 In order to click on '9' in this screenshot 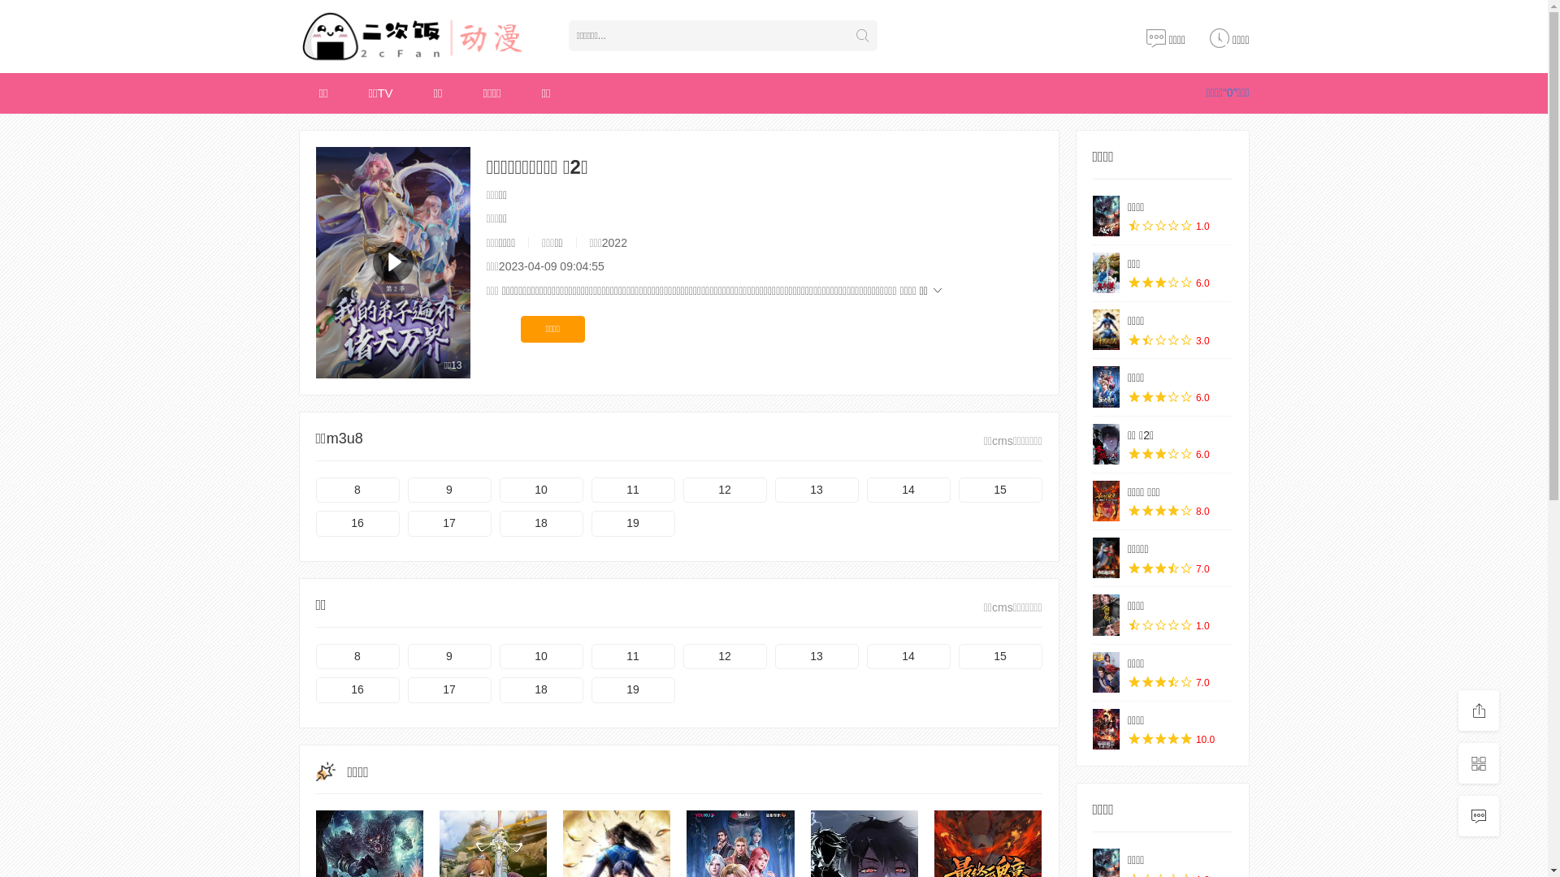, I will do `click(449, 490)`.